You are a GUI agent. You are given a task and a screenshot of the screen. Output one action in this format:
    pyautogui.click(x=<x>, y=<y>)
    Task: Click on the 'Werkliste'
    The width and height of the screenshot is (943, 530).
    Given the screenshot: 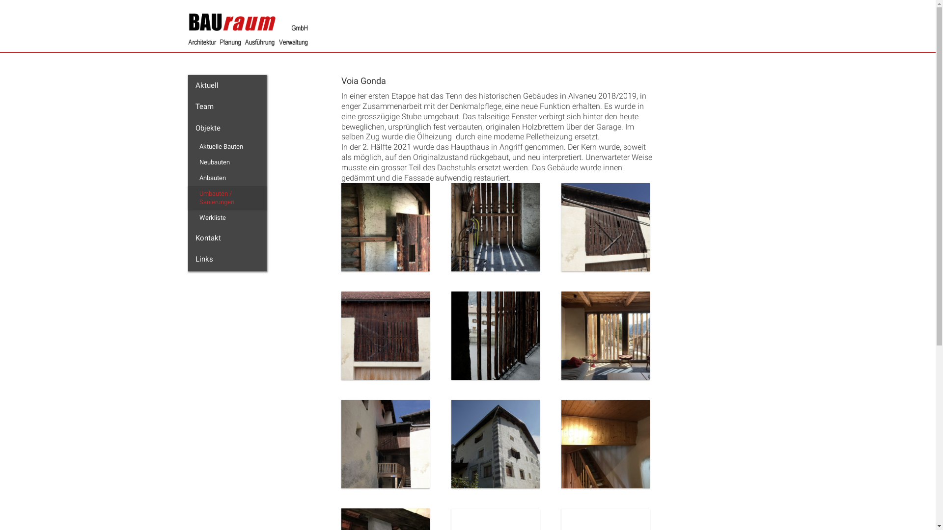 What is the action you would take?
    pyautogui.click(x=228, y=217)
    